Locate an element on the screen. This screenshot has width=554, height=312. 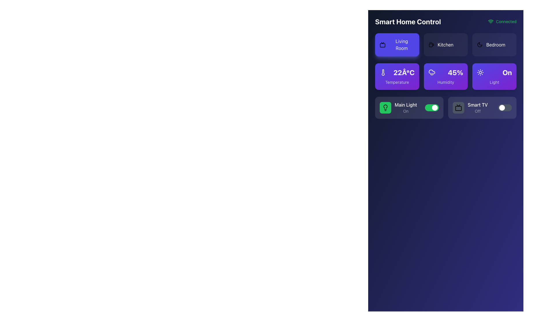
the current state of the Smart TV indicated by the label in the lower right corner of the control panel is located at coordinates (478, 108).